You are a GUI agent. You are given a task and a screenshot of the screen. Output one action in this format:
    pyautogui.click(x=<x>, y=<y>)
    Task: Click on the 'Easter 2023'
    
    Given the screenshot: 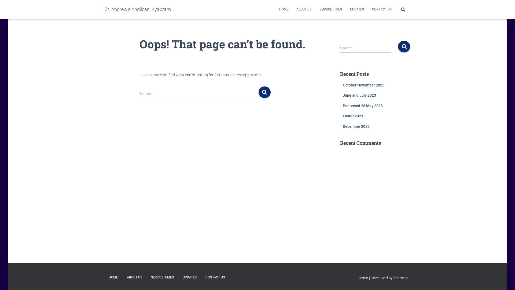 What is the action you would take?
    pyautogui.click(x=353, y=116)
    